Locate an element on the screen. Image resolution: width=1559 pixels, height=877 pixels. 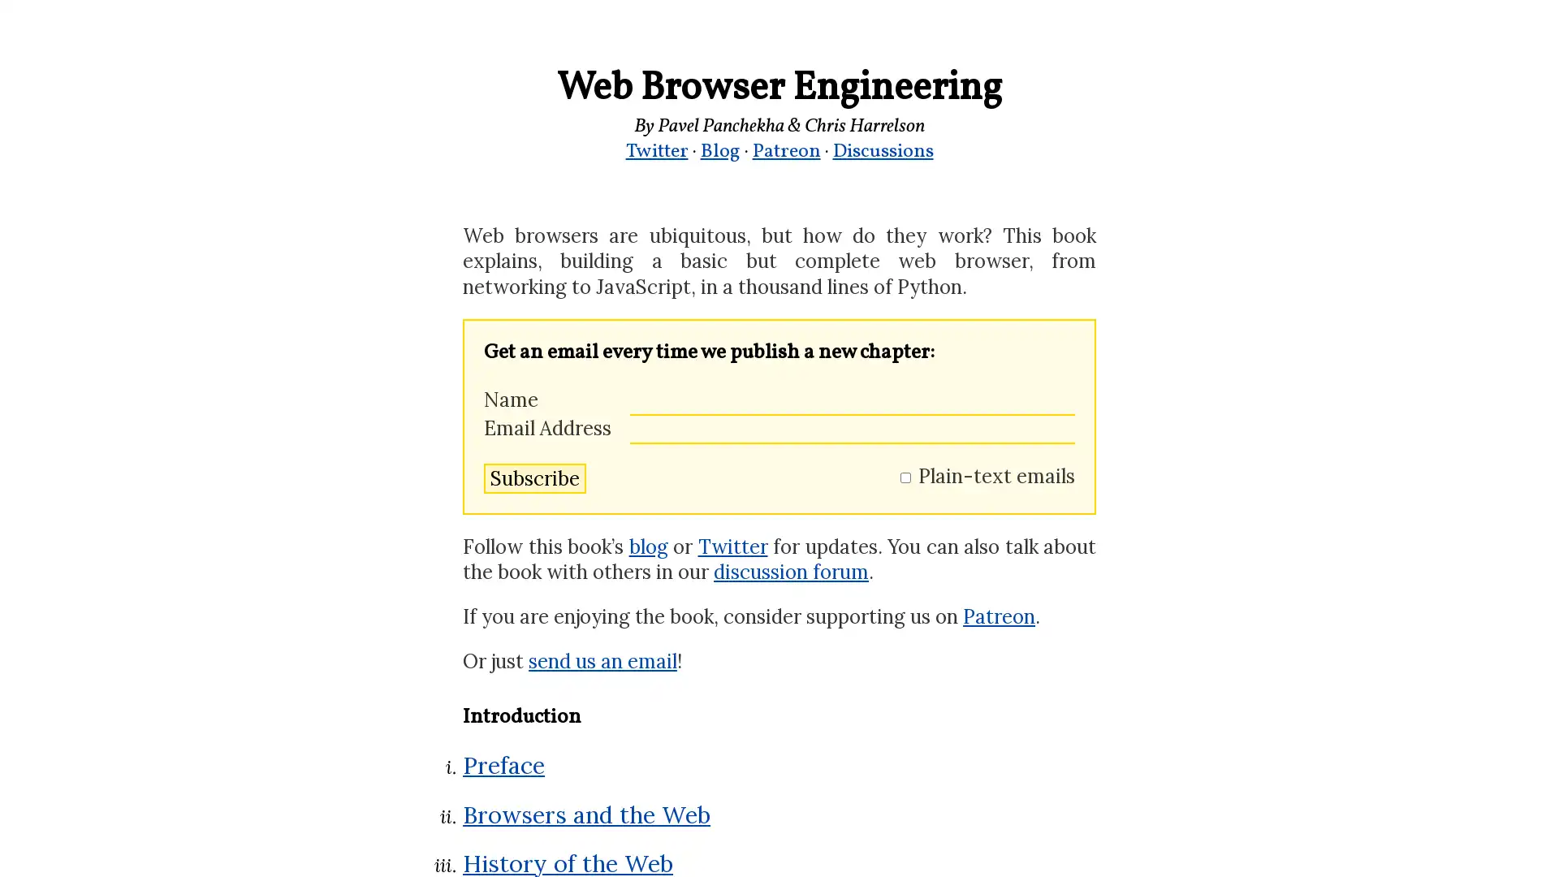
Subscribe is located at coordinates (534, 477).